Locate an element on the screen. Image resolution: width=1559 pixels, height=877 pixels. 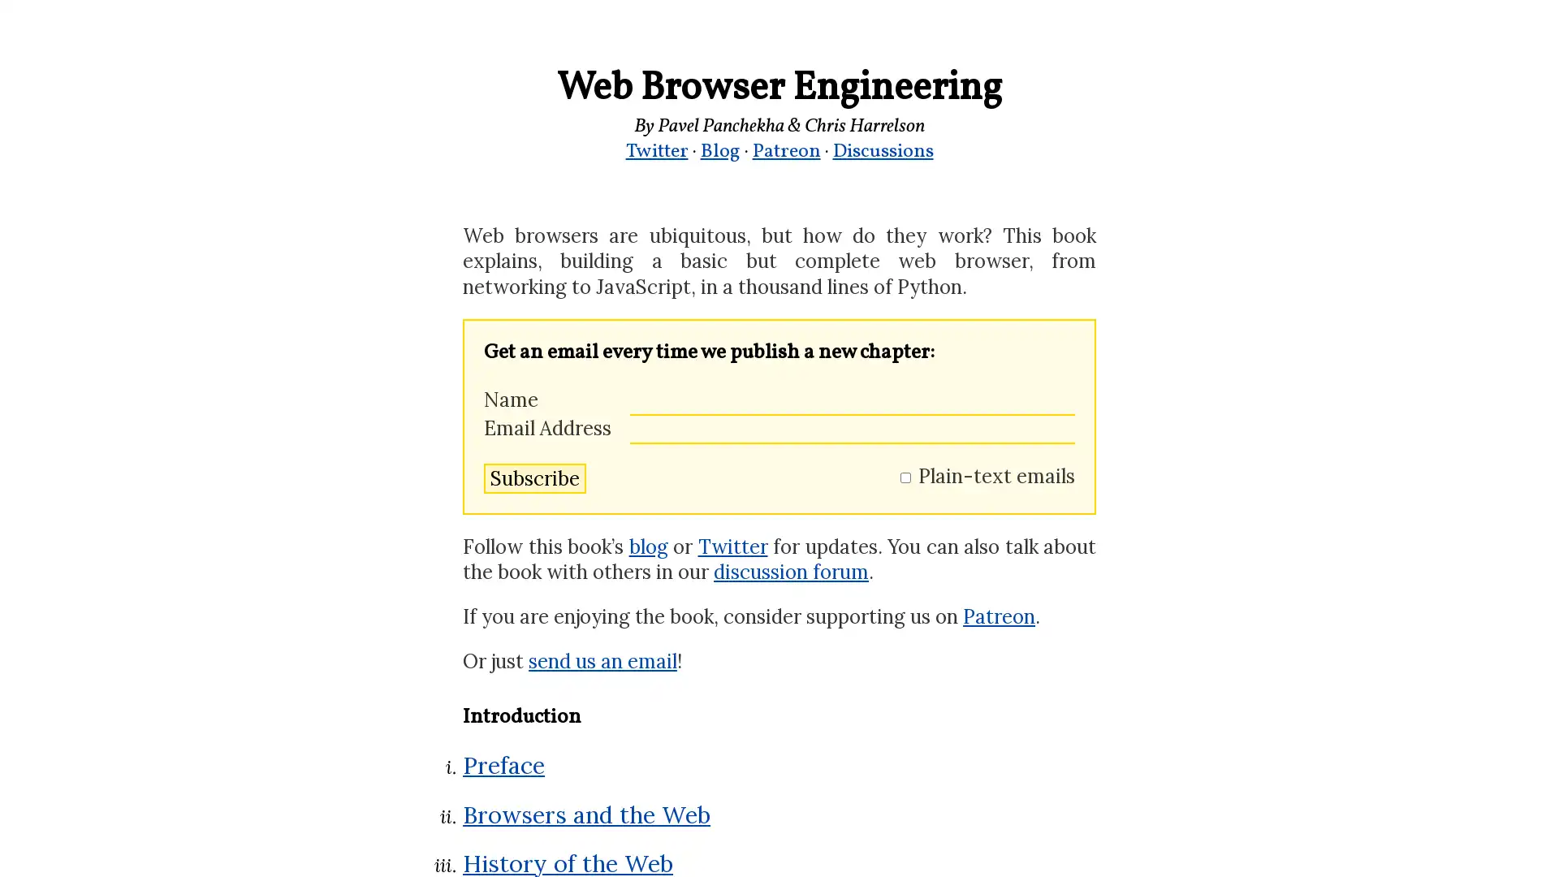
Subscribe is located at coordinates (534, 477).